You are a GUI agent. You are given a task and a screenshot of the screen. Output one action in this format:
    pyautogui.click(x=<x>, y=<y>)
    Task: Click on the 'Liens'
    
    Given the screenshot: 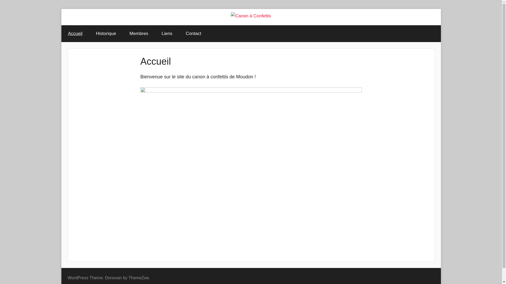 What is the action you would take?
    pyautogui.click(x=167, y=33)
    